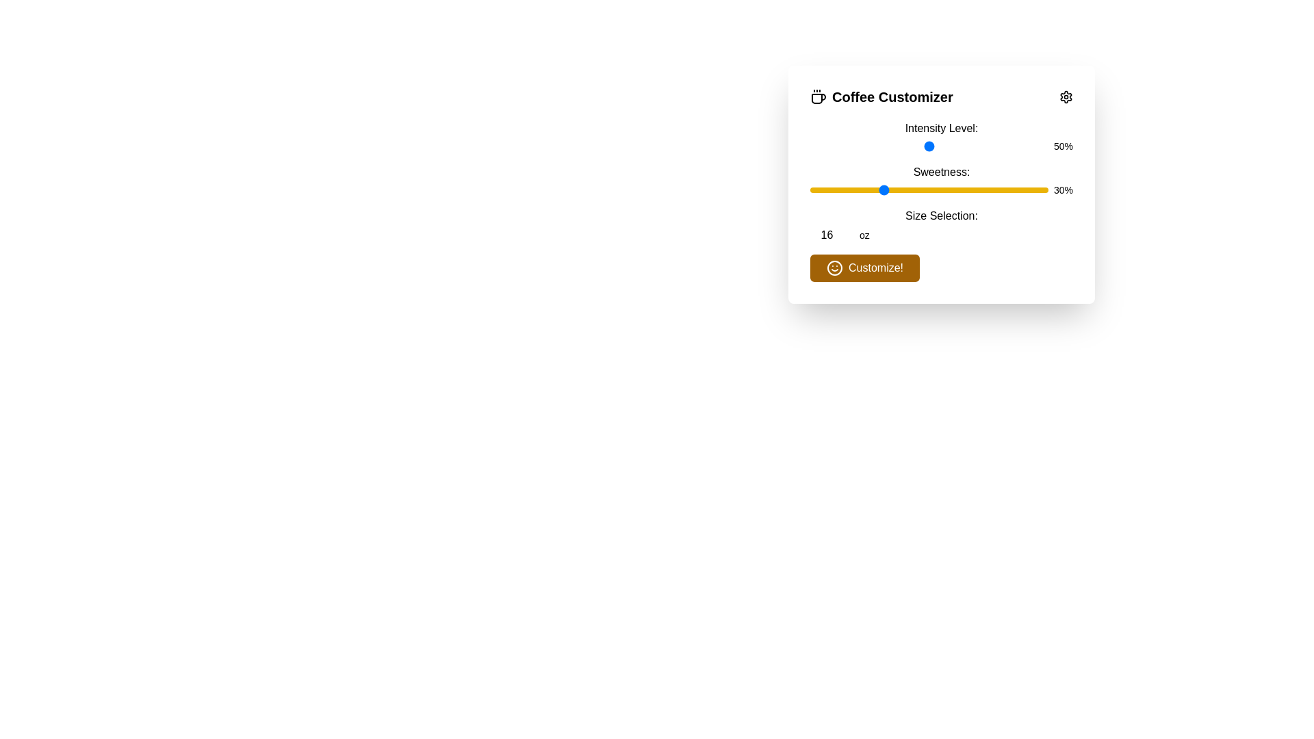 This screenshot has height=739, width=1314. I want to click on the settings icon to open options, so click(1066, 96).